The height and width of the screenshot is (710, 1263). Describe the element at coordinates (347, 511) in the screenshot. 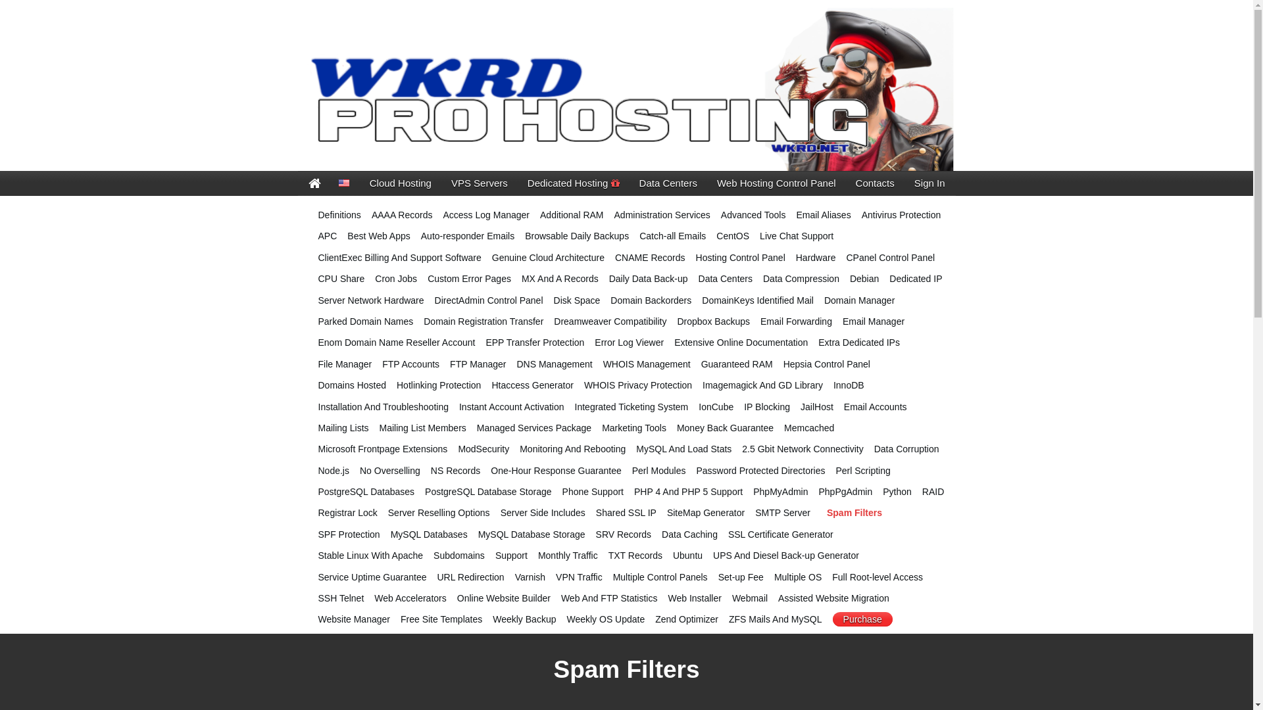

I see `'Registrar Lock'` at that location.